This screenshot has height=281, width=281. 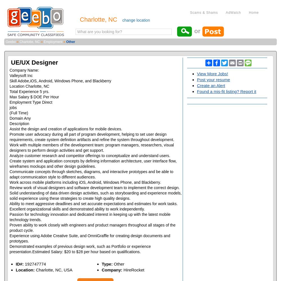 What do you see at coordinates (19, 42) in the screenshot?
I see `'Charlotte, NC'` at bounding box center [19, 42].